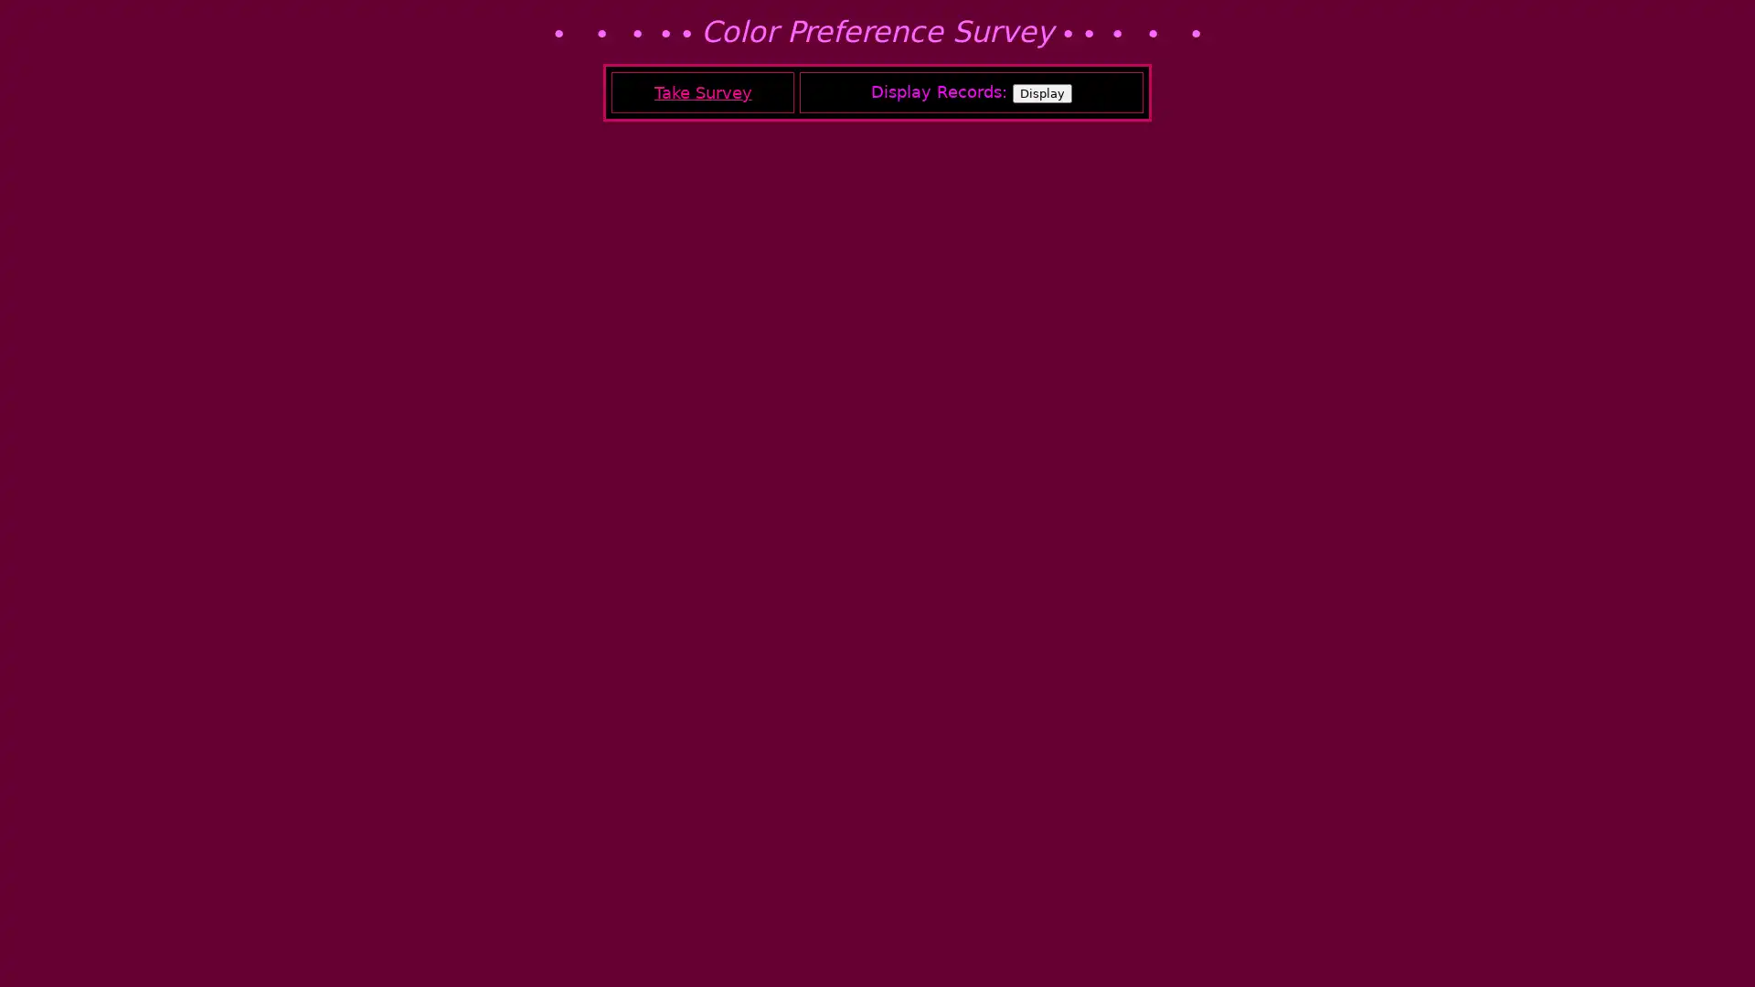  I want to click on Display, so click(1042, 93).